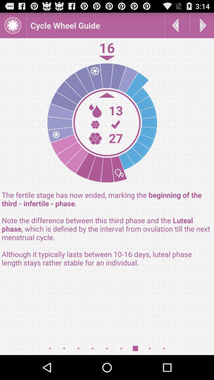  I want to click on go back, so click(176, 25).